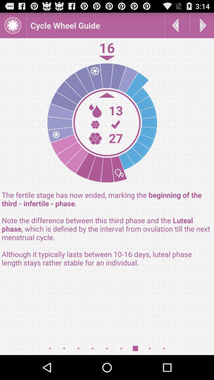  I want to click on go back, so click(176, 25).